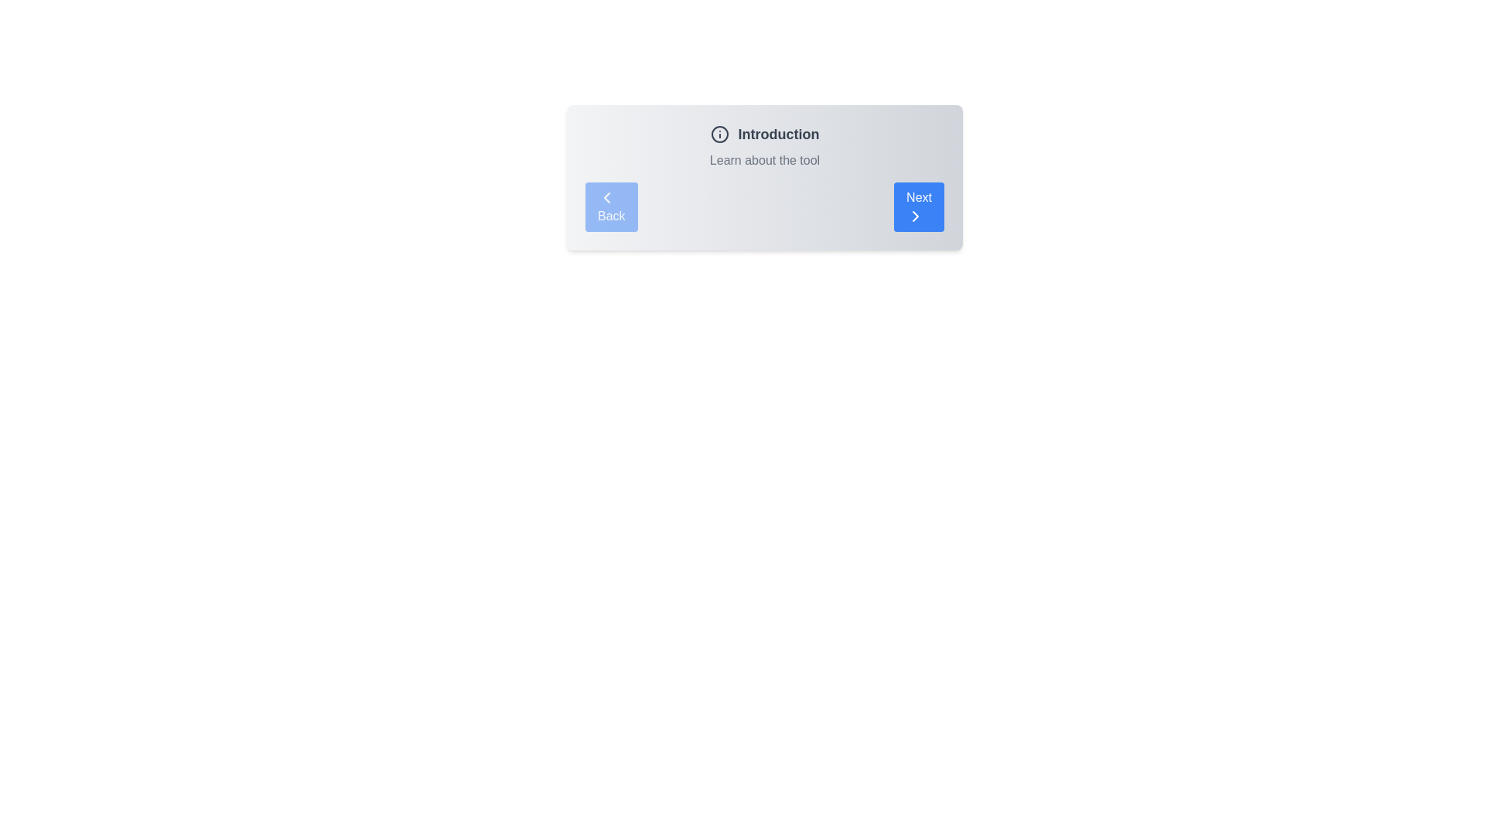 The height and width of the screenshot is (835, 1485). What do you see at coordinates (916, 216) in the screenshot?
I see `the right-facing chevron icon located within the 'Next' button, which is a rounded rectangle button labeled 'Next'` at bounding box center [916, 216].